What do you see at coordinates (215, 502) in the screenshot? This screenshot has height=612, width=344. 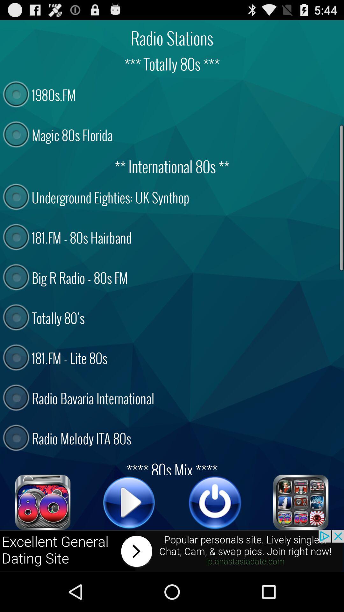 I see `audio` at bounding box center [215, 502].